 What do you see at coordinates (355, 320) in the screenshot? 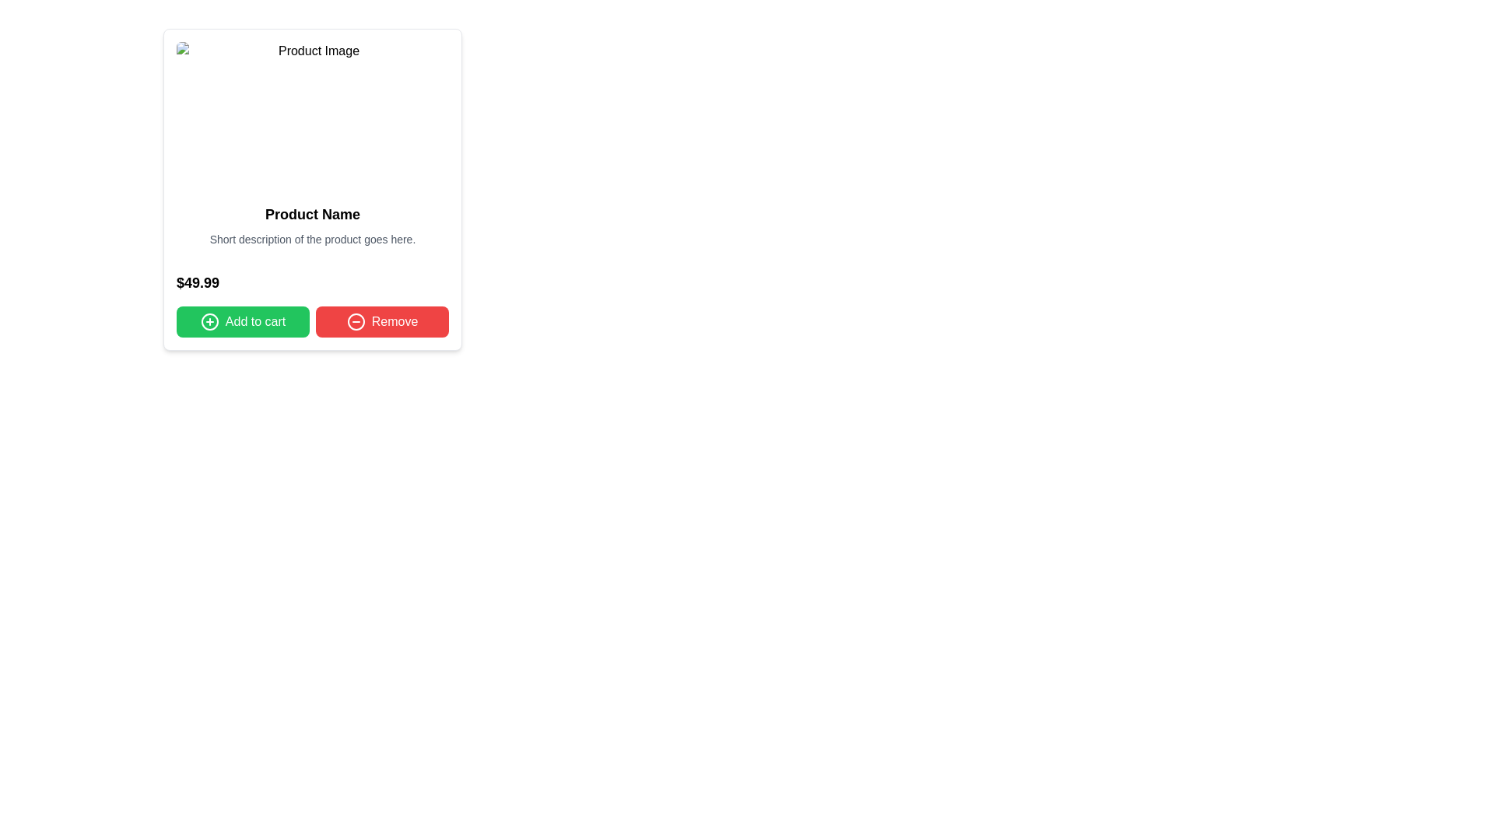
I see `the compact circular minus icon located to the left of the red 'Remove' button within the bottom section of the card interface` at bounding box center [355, 320].